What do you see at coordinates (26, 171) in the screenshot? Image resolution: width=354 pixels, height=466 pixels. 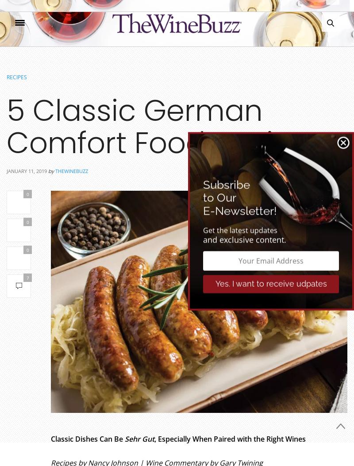 I see `'January 11, 2019'` at bounding box center [26, 171].